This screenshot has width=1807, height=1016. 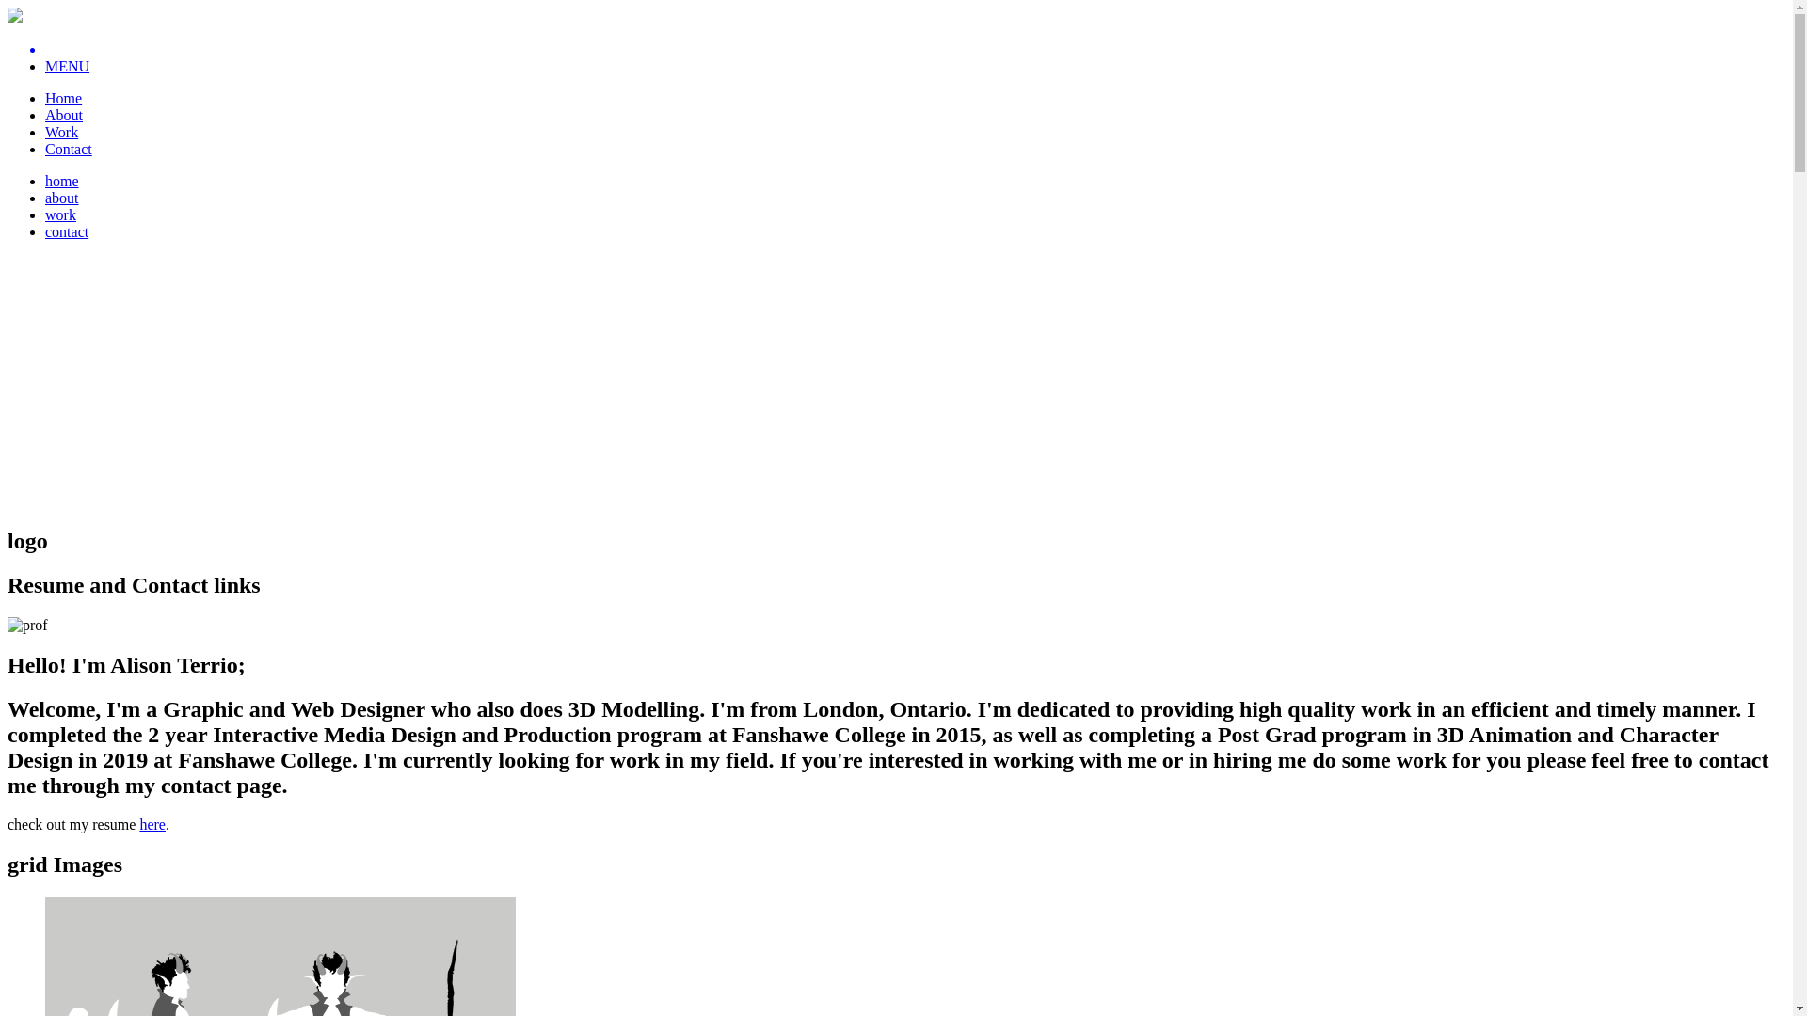 What do you see at coordinates (60, 214) in the screenshot?
I see `'work'` at bounding box center [60, 214].